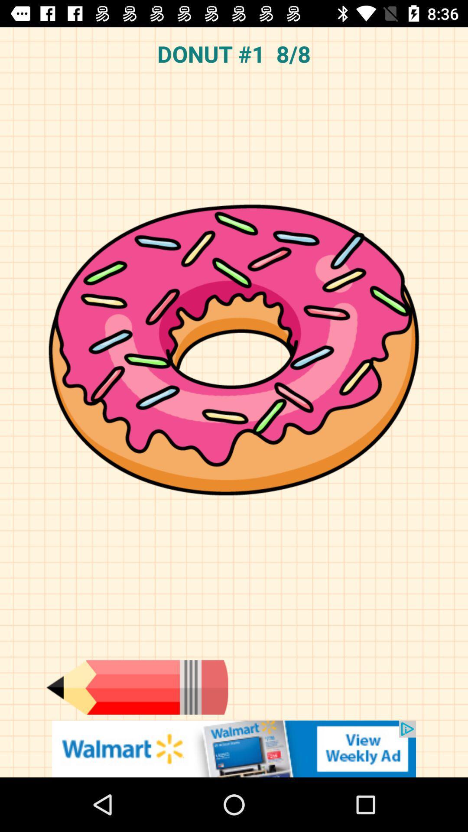 The height and width of the screenshot is (832, 468). I want to click on coloring stick, so click(136, 687).